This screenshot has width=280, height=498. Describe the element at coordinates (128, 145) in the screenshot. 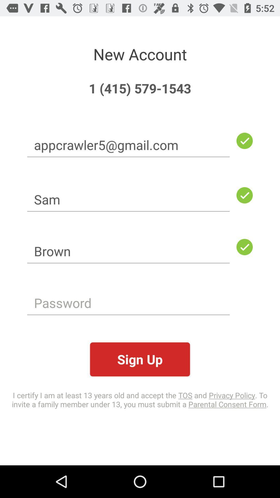

I see `the appcrawler5@gmail.com icon` at that location.